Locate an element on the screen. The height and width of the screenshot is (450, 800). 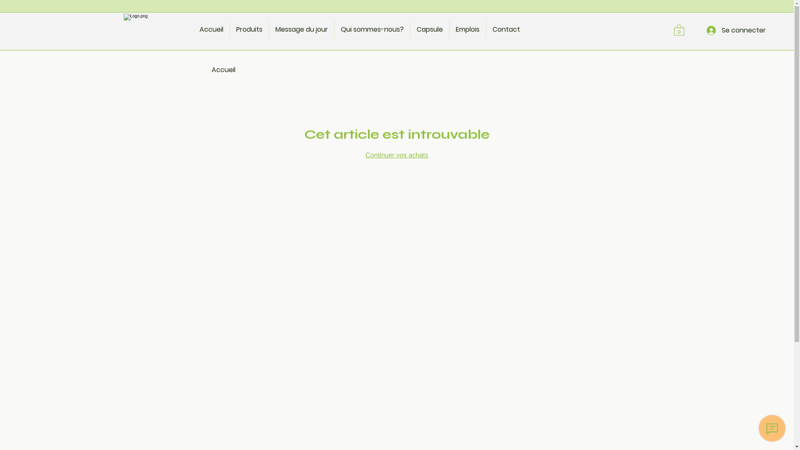
'Produits' is located at coordinates (230, 29).